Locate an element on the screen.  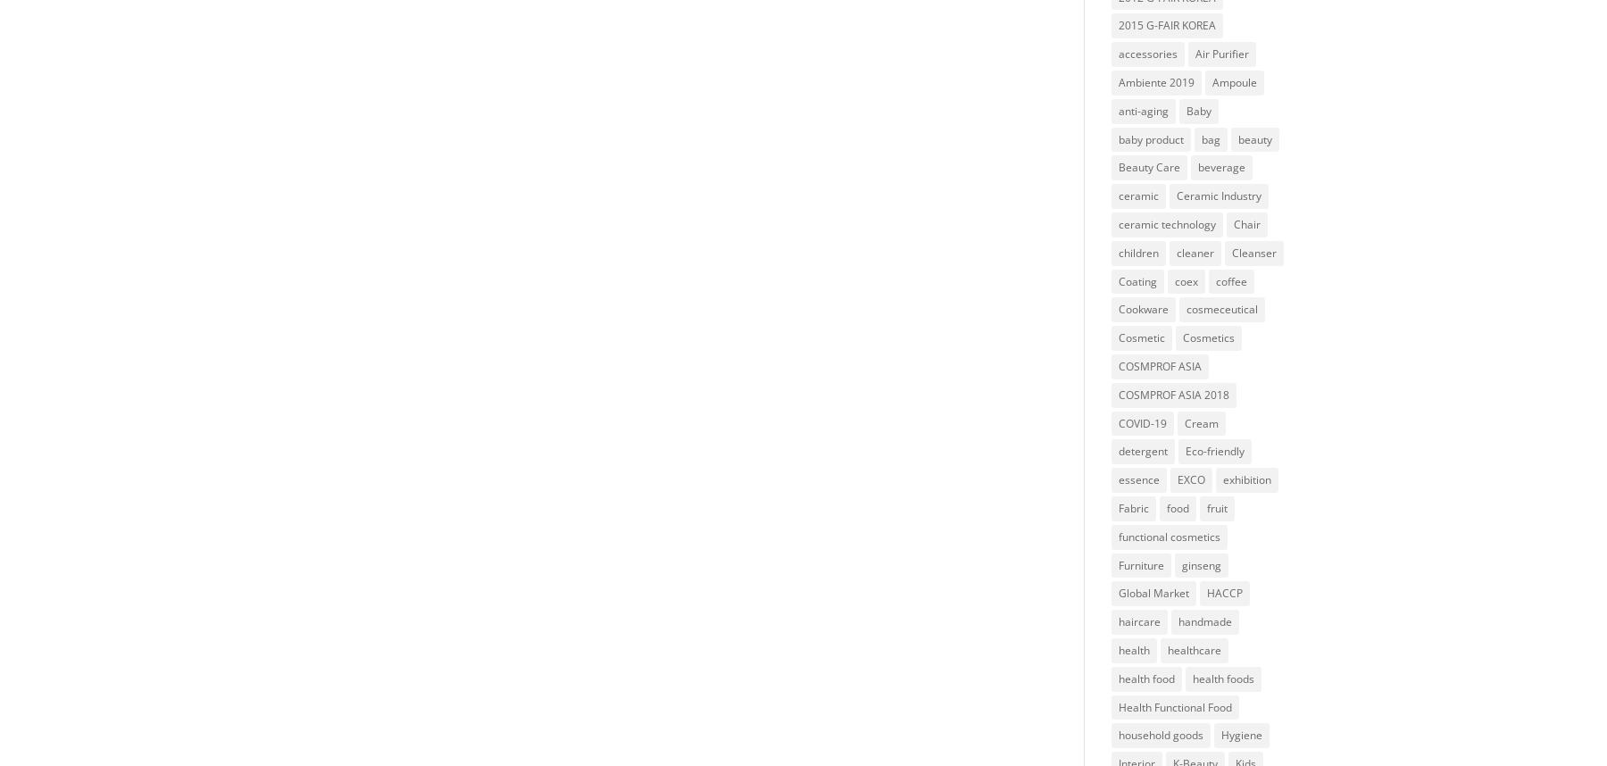
'Ambiente 2019' is located at coordinates (1155, 82).